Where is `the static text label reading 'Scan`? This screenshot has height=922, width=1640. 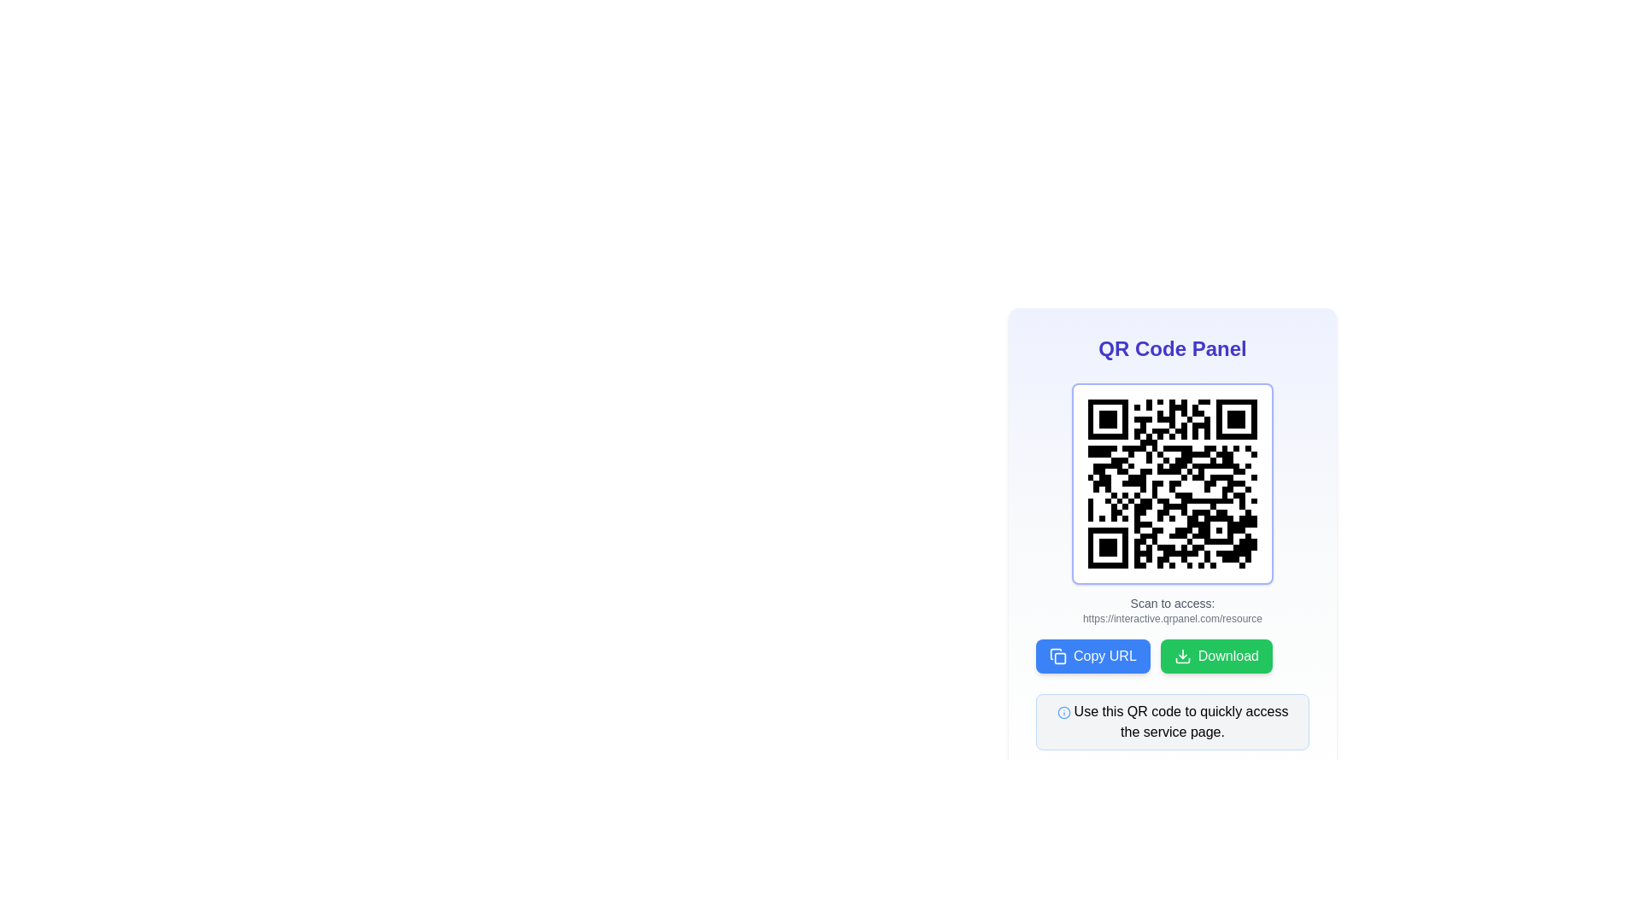 the static text label reading 'Scan is located at coordinates (1171, 602).